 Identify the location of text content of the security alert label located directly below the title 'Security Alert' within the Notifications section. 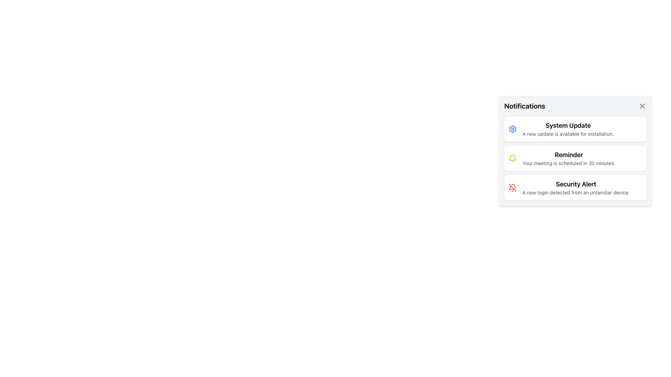
(576, 192).